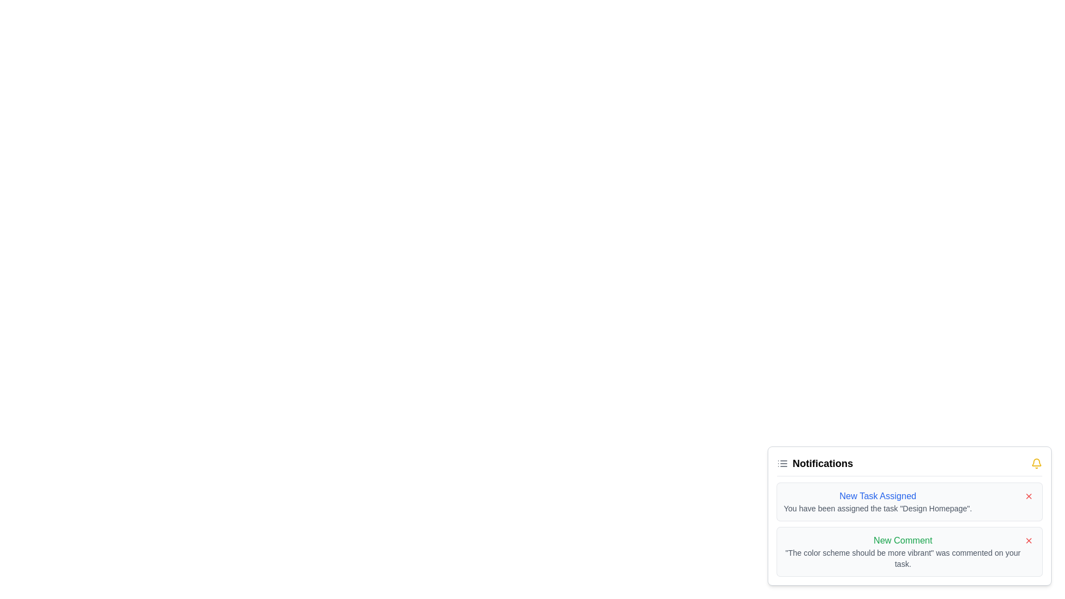 The height and width of the screenshot is (599, 1065). Describe the element at coordinates (1028, 540) in the screenshot. I see `the Close/Dismiss Button located at the bottom-right corner of the Notifications panel` at that location.